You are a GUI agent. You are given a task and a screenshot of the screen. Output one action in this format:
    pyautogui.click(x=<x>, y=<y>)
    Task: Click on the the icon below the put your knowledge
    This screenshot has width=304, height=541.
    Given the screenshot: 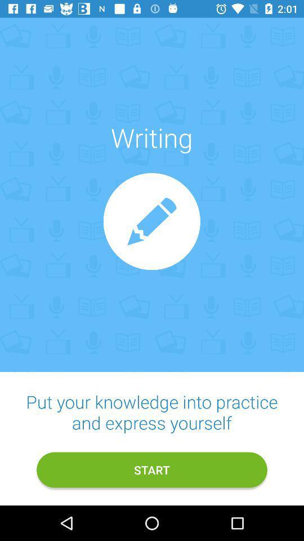 What is the action you would take?
    pyautogui.click(x=152, y=470)
    